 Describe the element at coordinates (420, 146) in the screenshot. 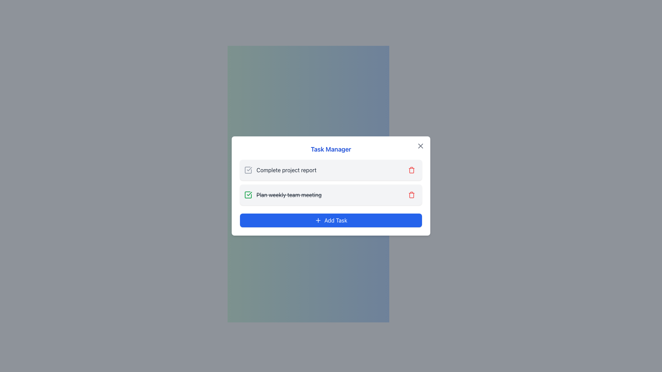

I see `the Close Button located in the top-right corner of the modal` at that location.